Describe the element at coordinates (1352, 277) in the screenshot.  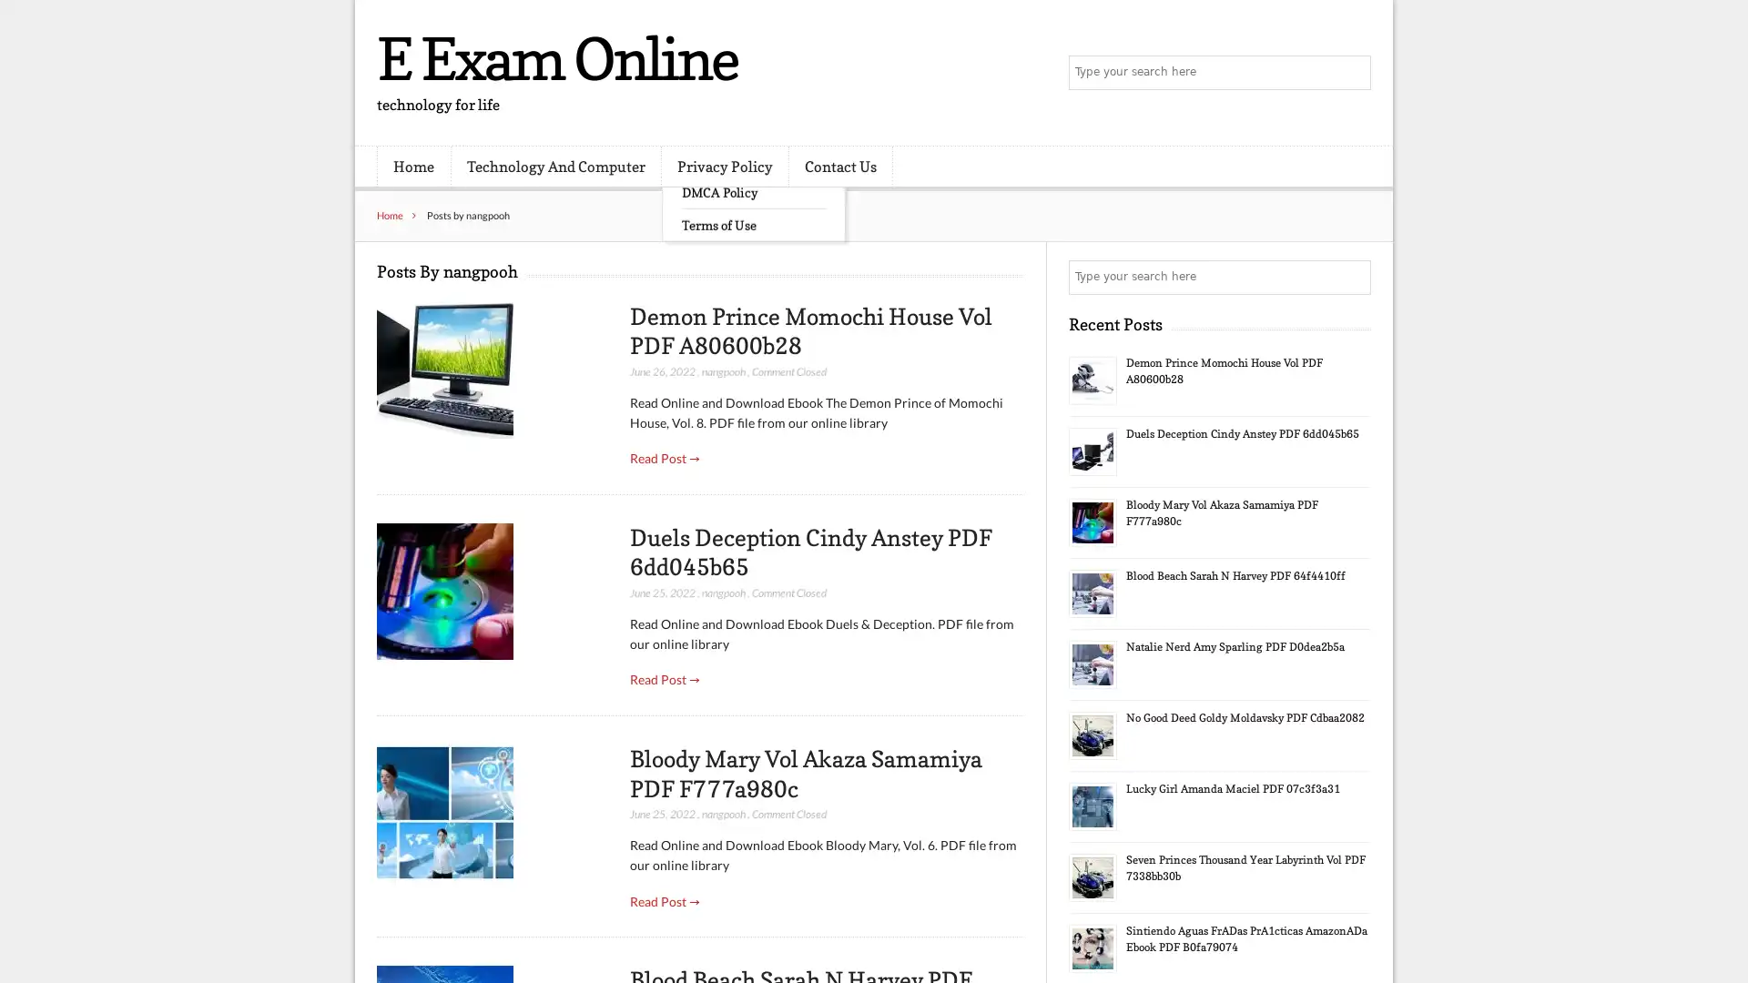
I see `Search` at that location.